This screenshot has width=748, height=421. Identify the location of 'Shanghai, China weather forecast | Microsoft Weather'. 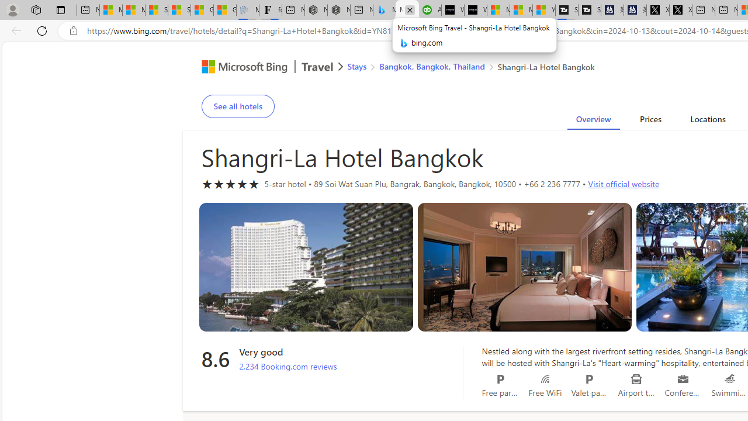
(179, 10).